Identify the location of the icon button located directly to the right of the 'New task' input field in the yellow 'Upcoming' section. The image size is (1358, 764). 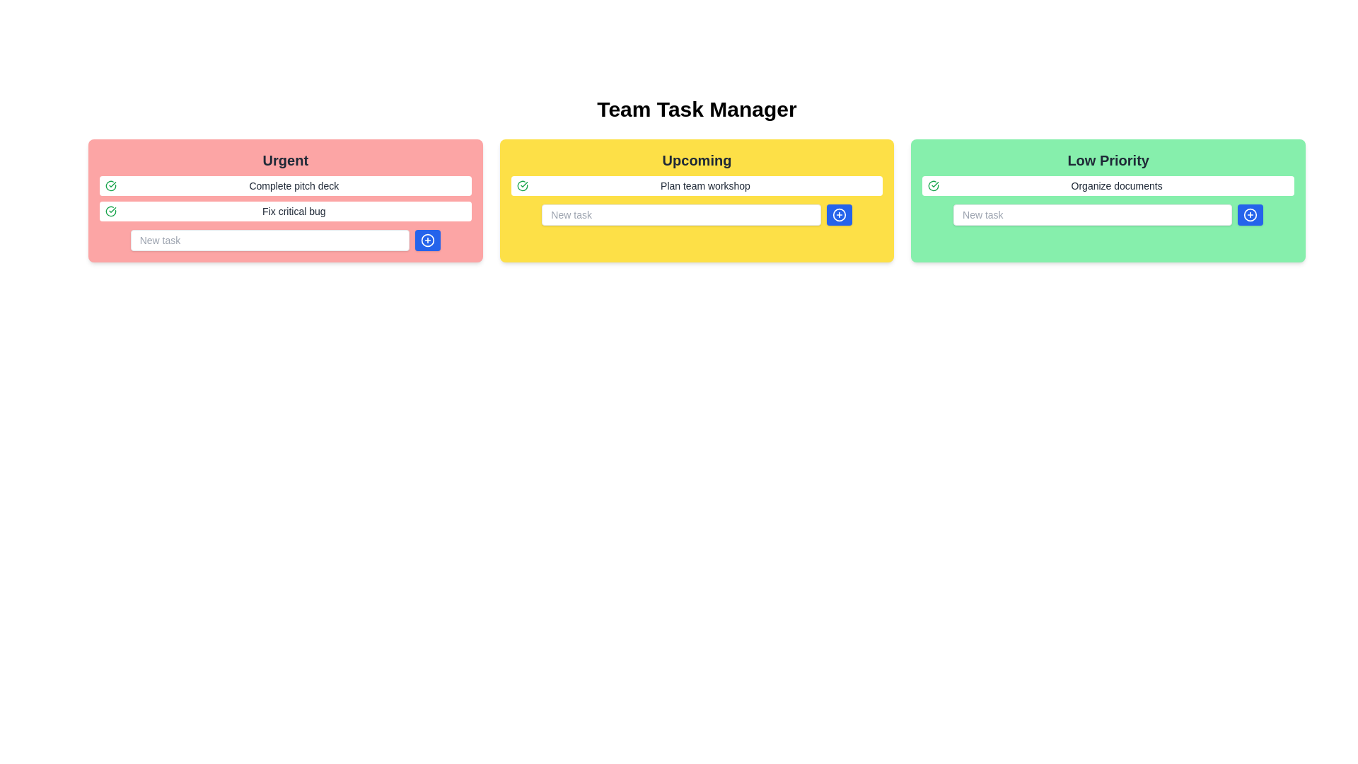
(839, 215).